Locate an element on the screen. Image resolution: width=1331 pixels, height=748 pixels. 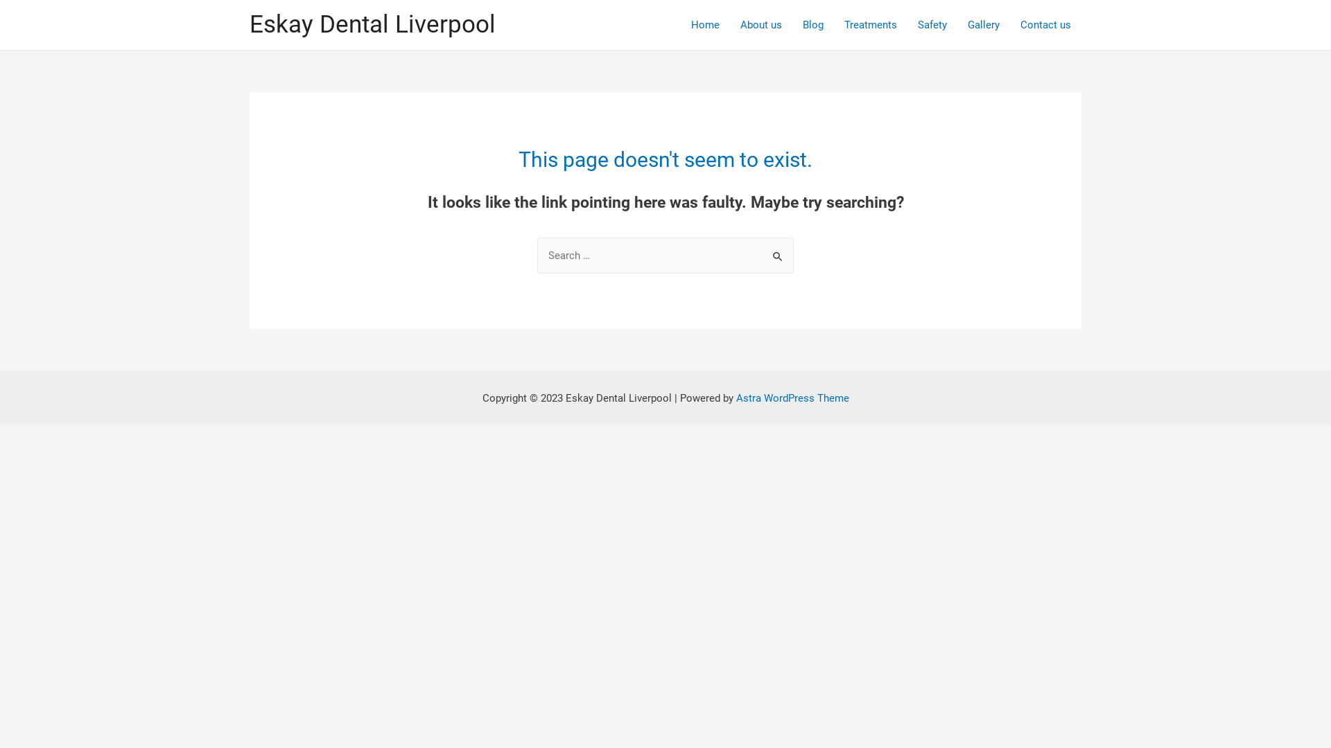
'Home' is located at coordinates (705, 24).